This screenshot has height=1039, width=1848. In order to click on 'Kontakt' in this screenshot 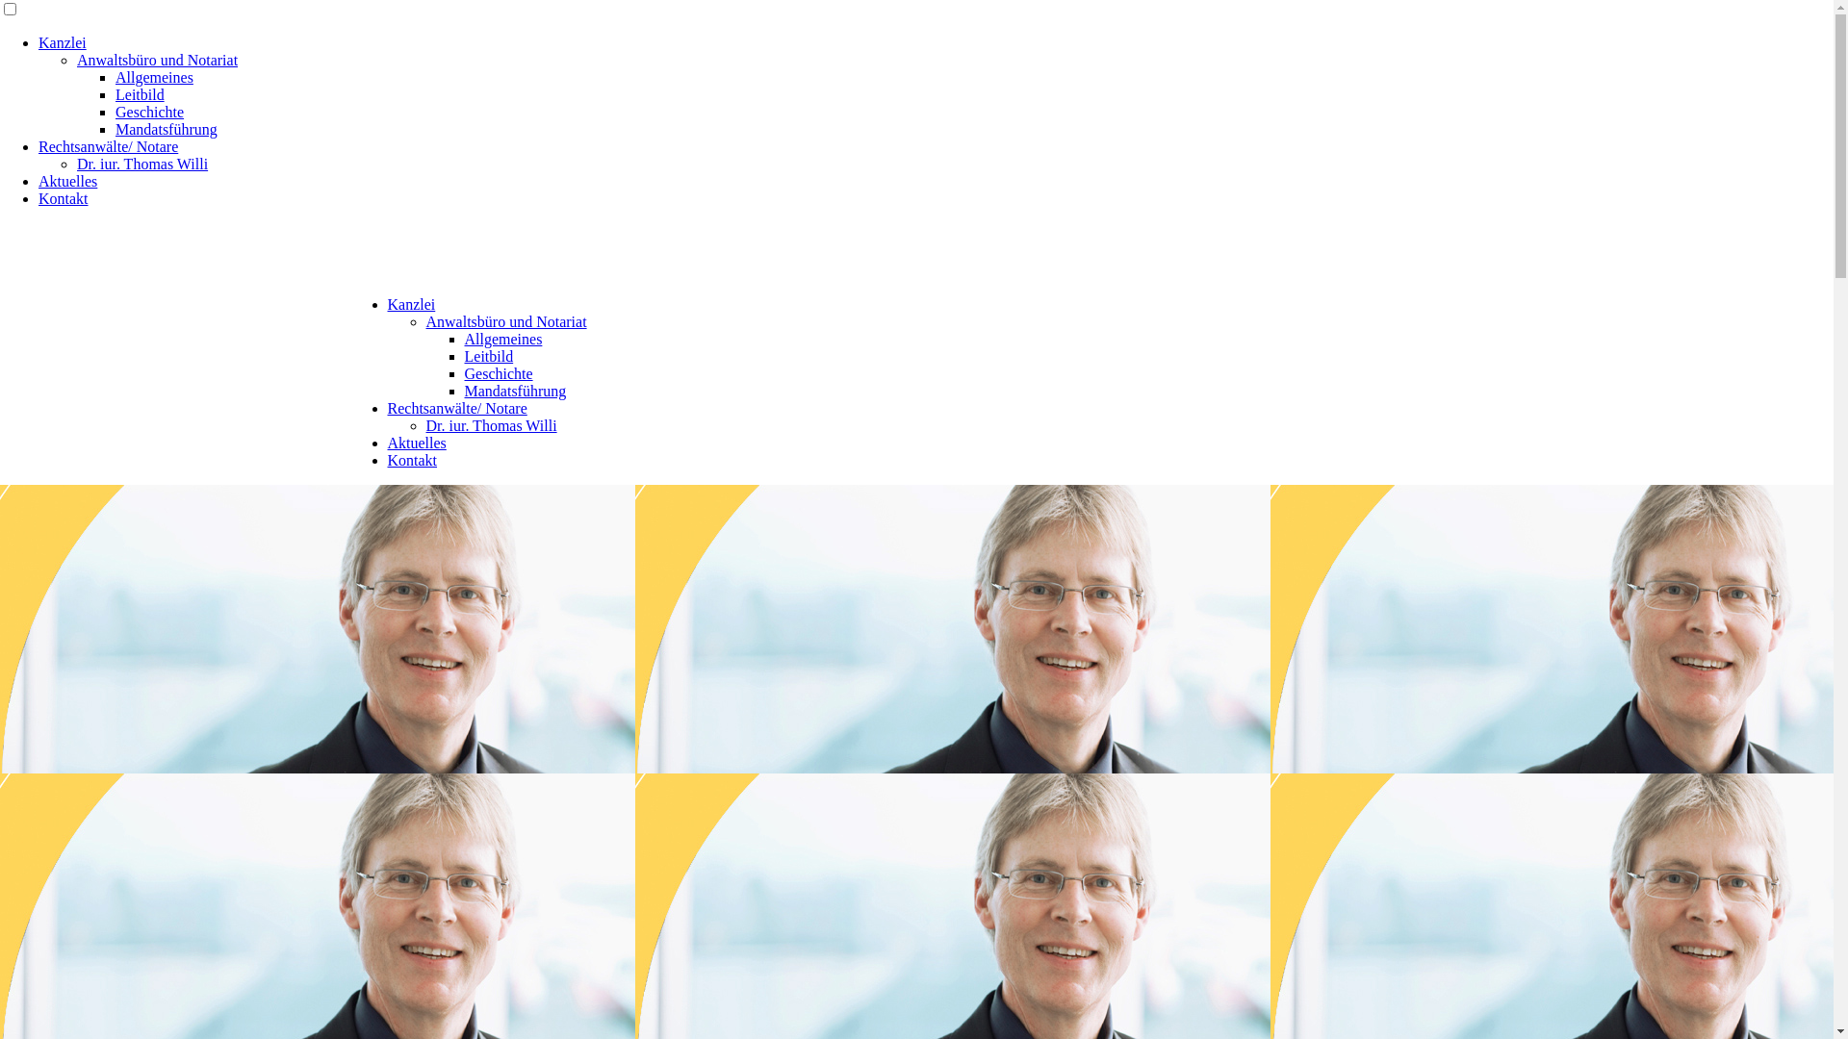, I will do `click(64, 198)`.